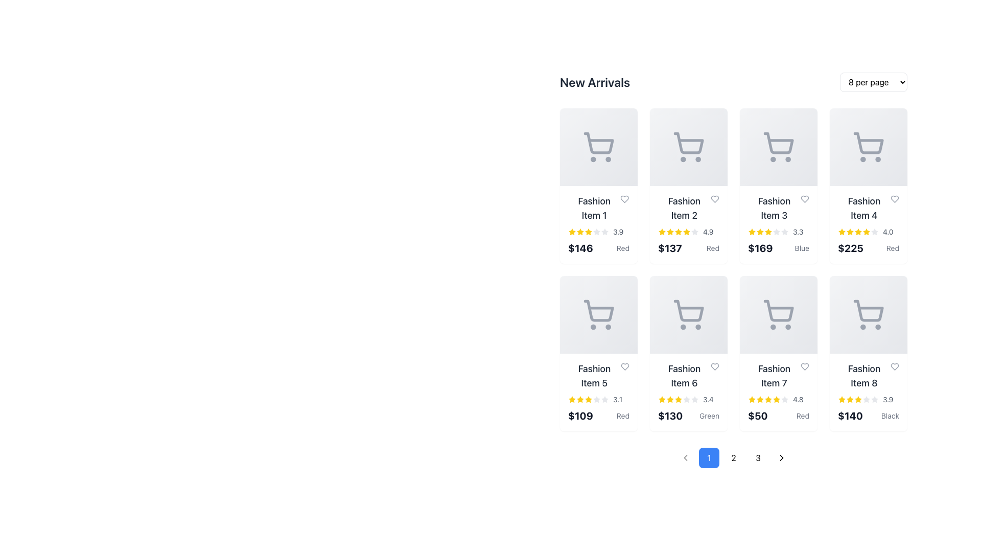  I want to click on the price text label located at the bottom right of the grid section for 'Fashion Item 8' in the 'New Arrivals' listing, so click(850, 416).